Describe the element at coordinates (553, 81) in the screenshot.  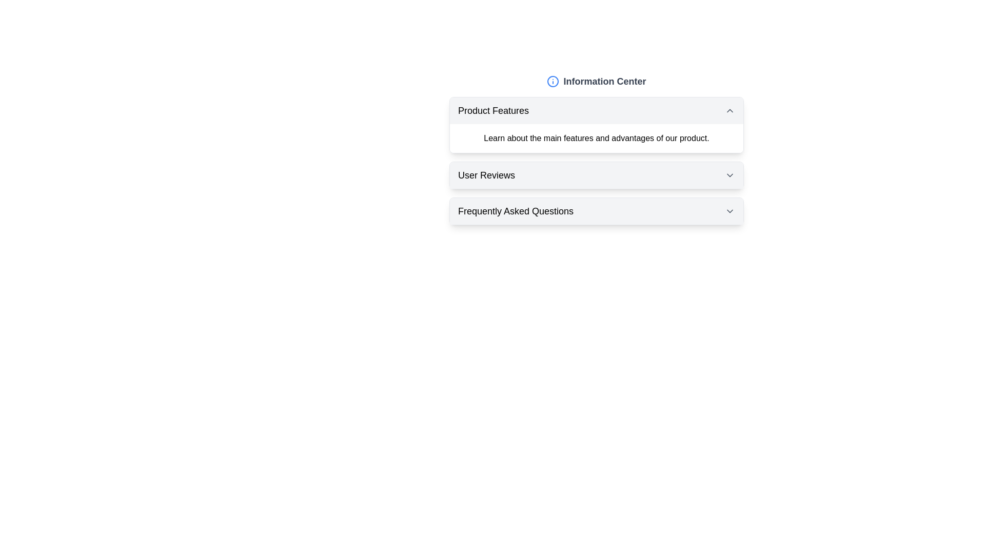
I see `the circular element of the 'Info' icon located near the top-center of the interface, serving as a visual indicator for the 'Information Center' section` at that location.